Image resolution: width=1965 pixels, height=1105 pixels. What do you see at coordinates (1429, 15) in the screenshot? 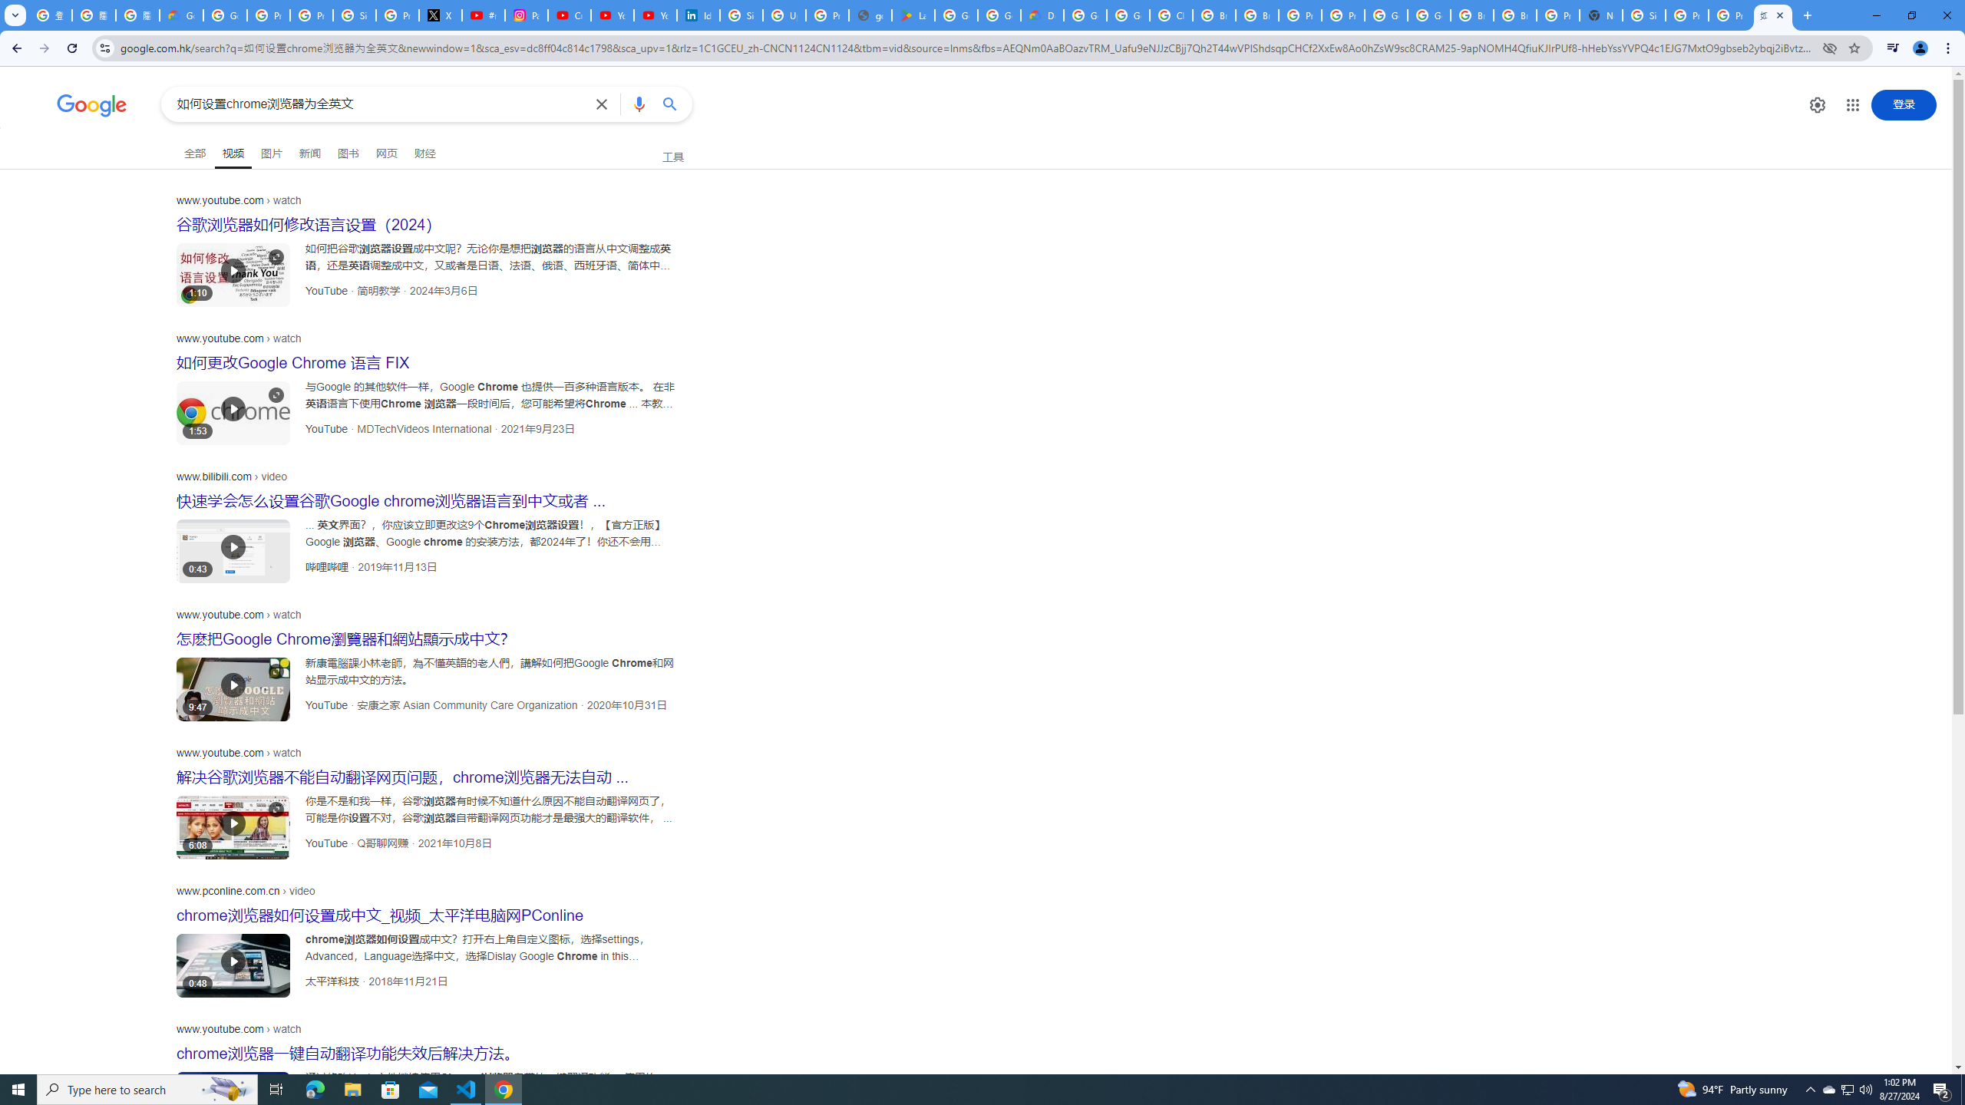
I see `'Google Cloud Platform'` at bounding box center [1429, 15].